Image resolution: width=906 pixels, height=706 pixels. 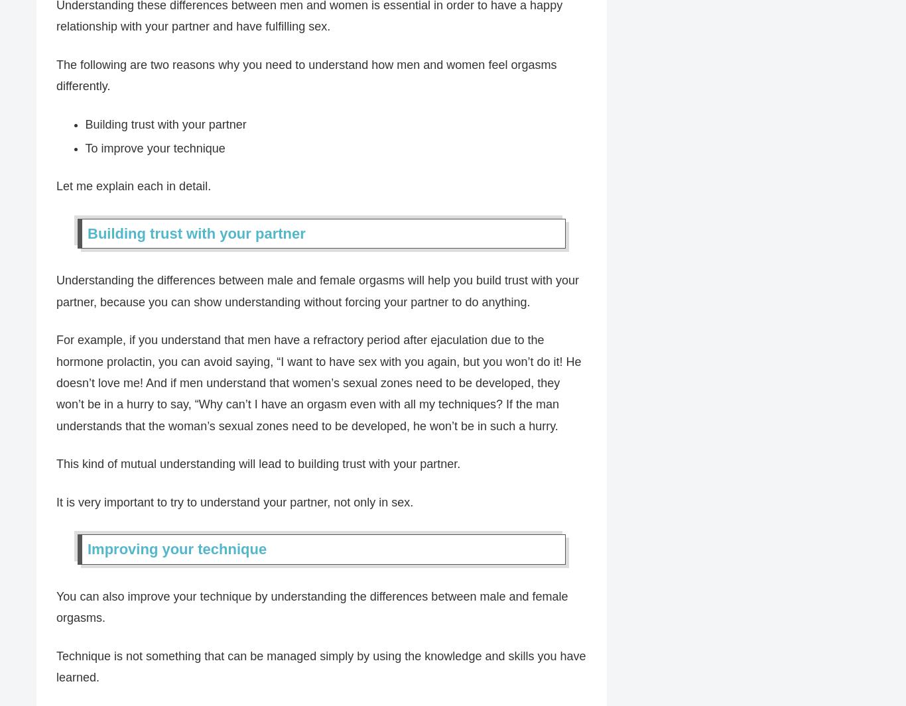 I want to click on 'The following are two reasons why you need to understand how men and women feel orgasms differently.', so click(x=56, y=75).